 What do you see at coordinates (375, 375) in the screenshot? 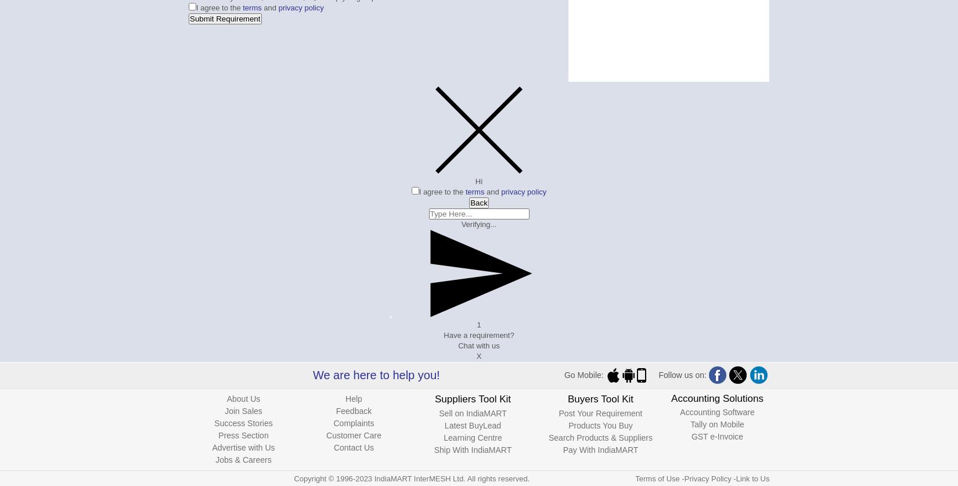
I see `'We are here to help you!'` at bounding box center [375, 375].